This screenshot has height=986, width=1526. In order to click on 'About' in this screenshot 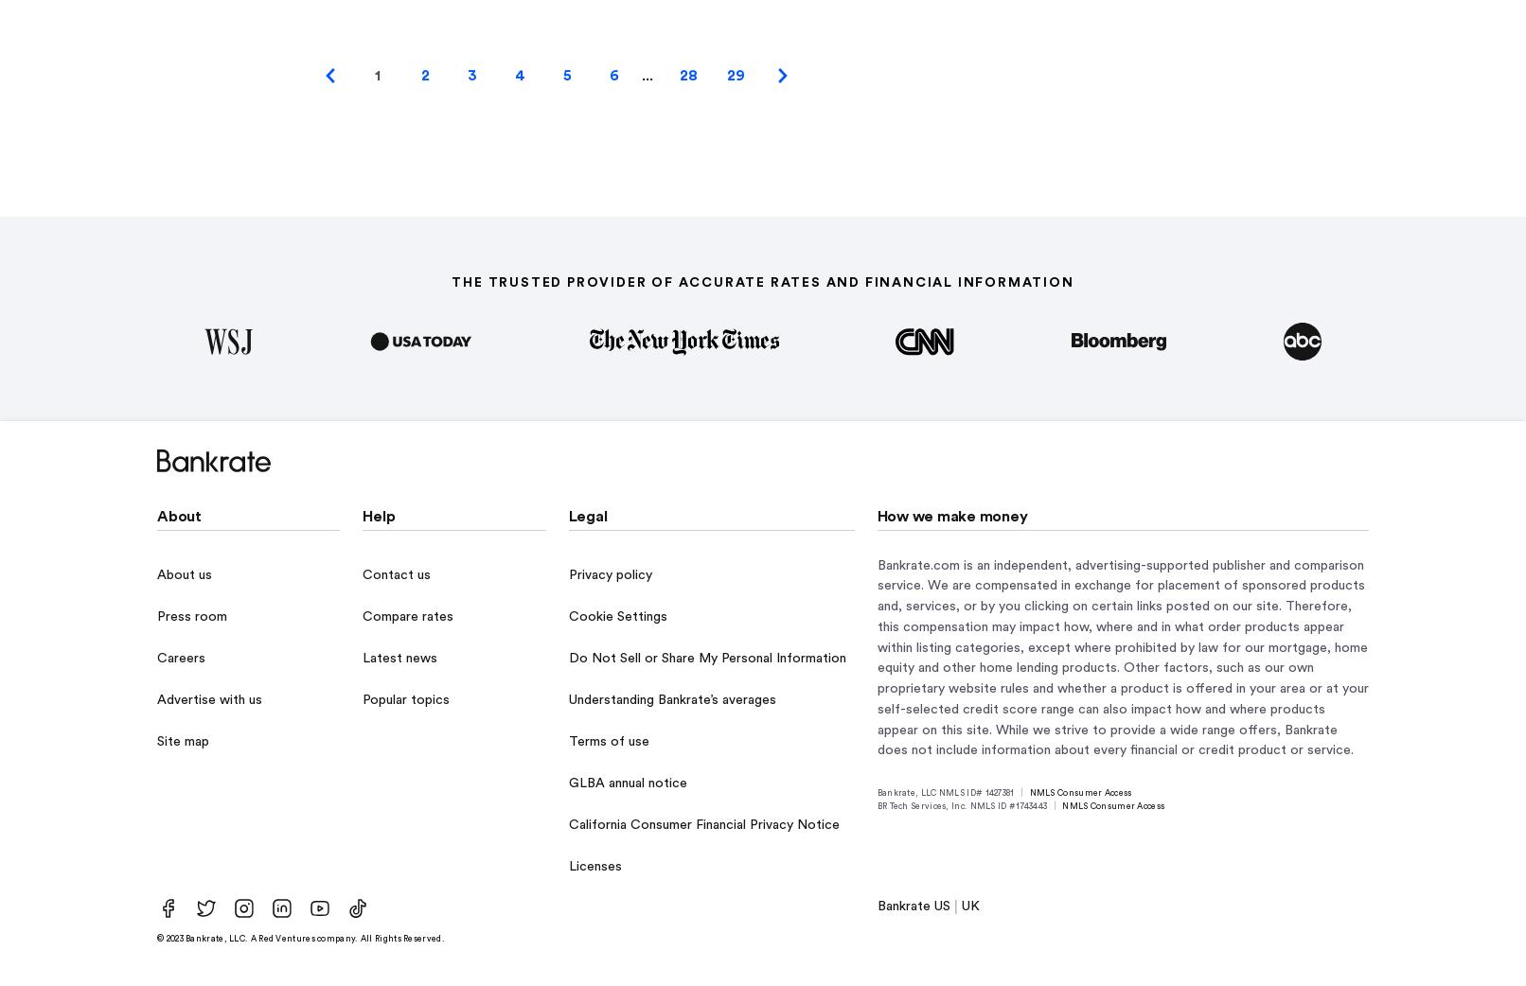, I will do `click(157, 514)`.